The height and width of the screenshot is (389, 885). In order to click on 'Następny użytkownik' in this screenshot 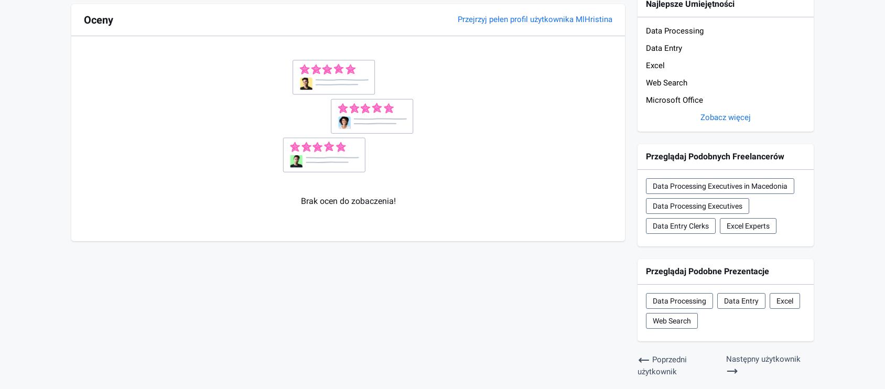, I will do `click(763, 358)`.